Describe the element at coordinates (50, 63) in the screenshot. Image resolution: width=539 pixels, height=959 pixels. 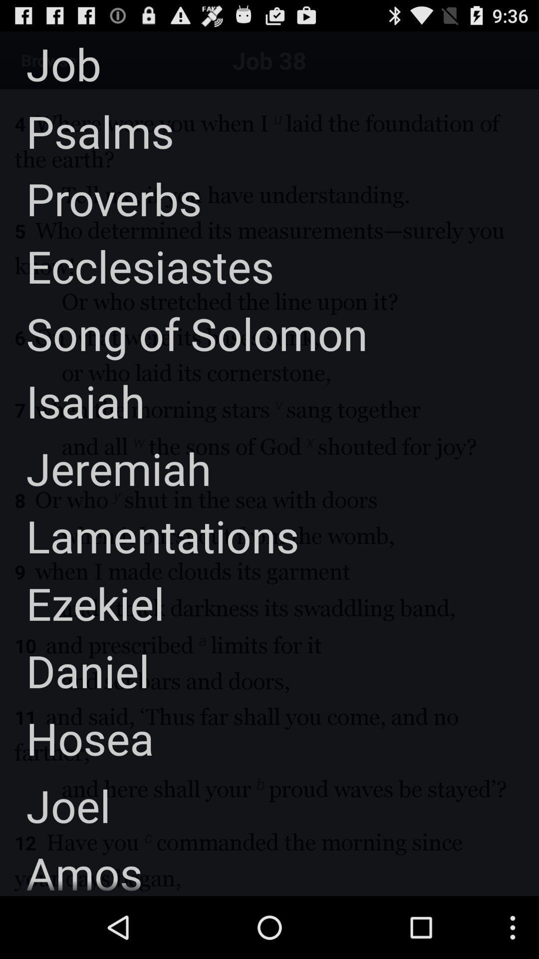
I see `the job app` at that location.